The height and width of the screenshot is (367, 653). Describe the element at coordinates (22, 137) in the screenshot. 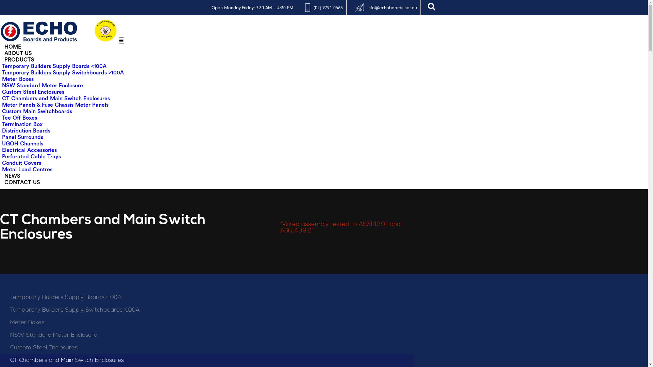

I see `'Panel Surrounds'` at that location.